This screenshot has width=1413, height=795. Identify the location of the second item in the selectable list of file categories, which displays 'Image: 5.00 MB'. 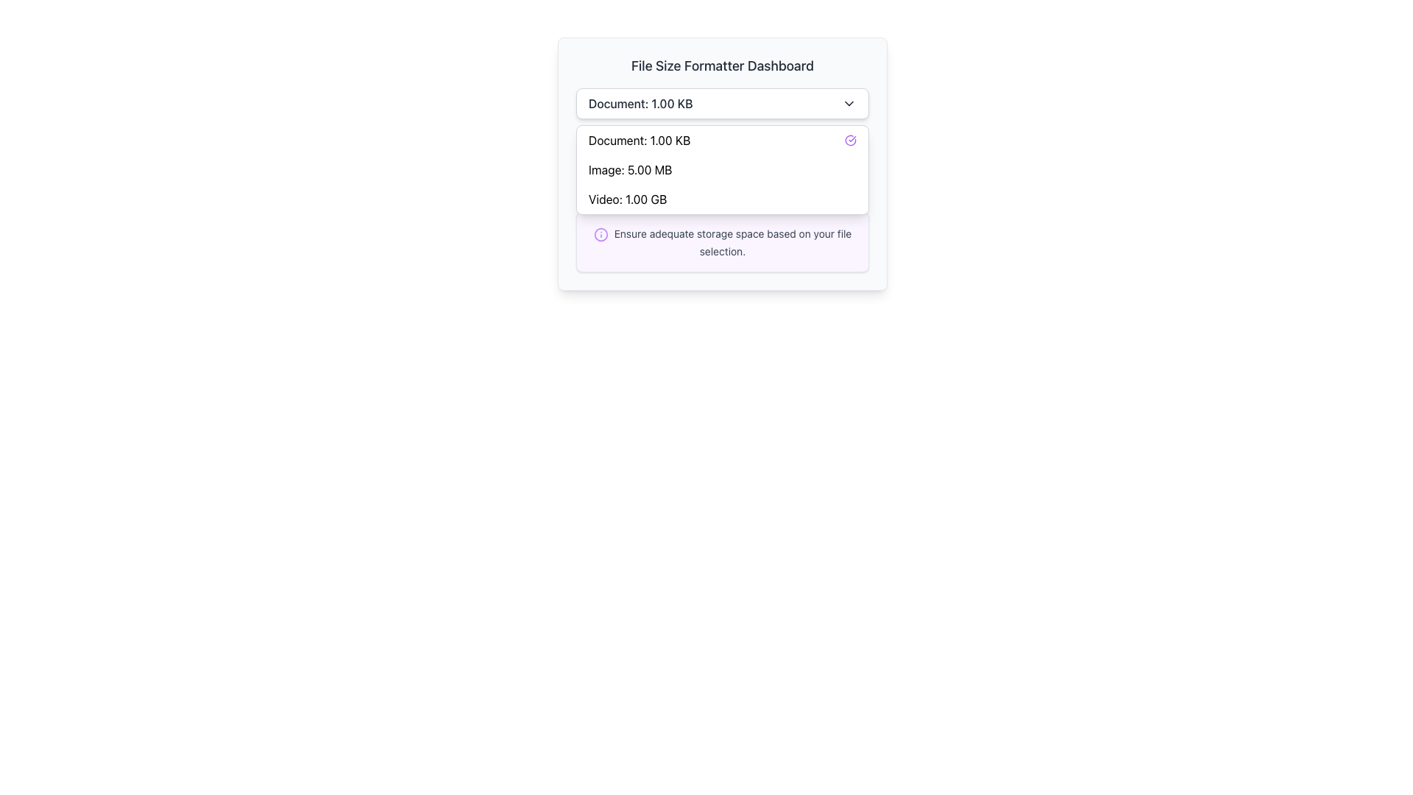
(723, 169).